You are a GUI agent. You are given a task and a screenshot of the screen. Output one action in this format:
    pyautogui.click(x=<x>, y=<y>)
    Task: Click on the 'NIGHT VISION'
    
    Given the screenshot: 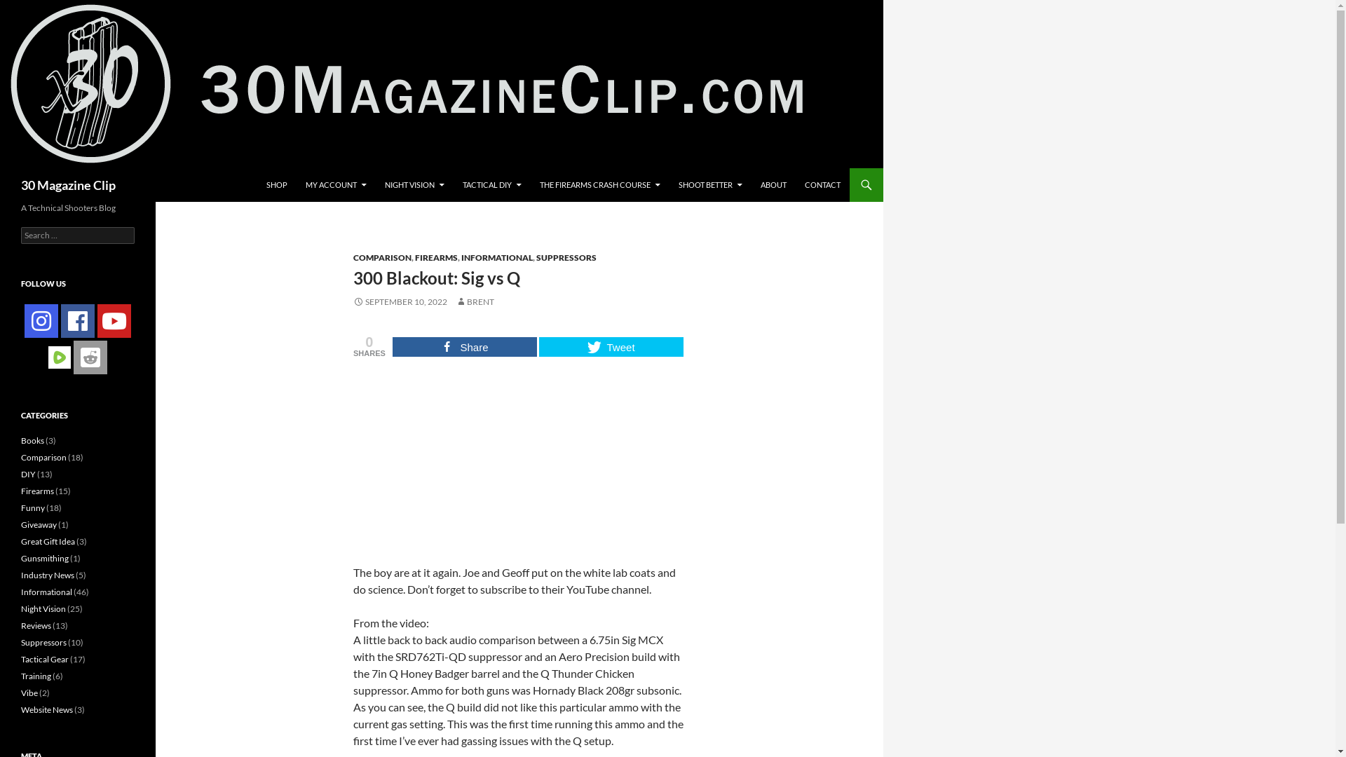 What is the action you would take?
    pyautogui.click(x=414, y=184)
    